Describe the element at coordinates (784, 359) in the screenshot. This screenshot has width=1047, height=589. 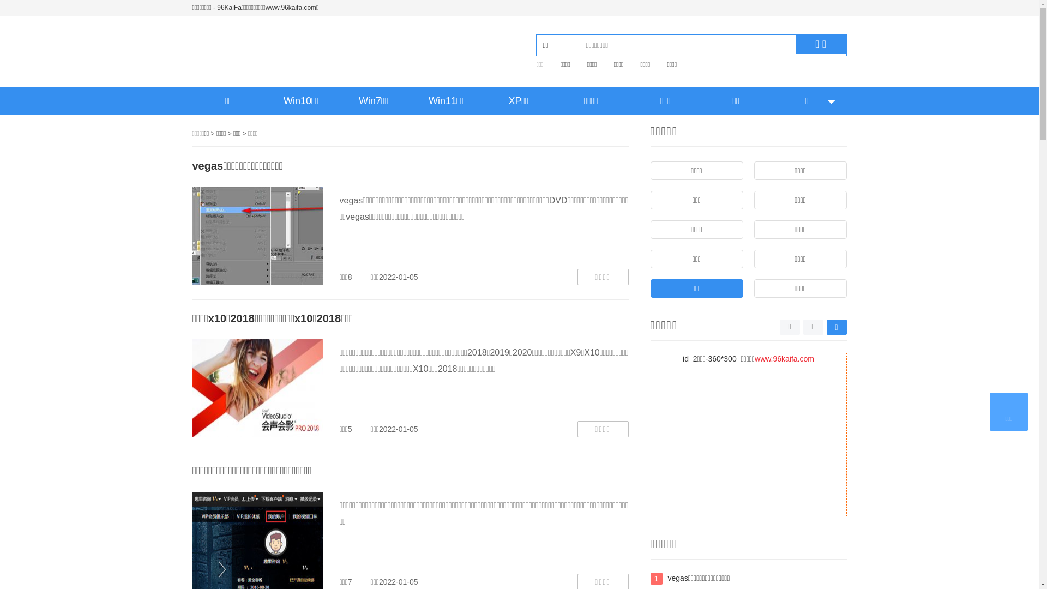
I see `'www.96kaifa.com'` at that location.